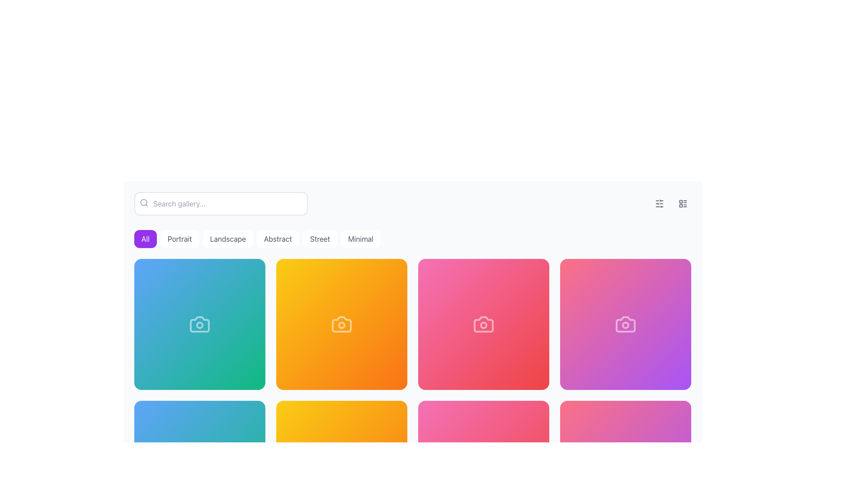 The width and height of the screenshot is (868, 488). What do you see at coordinates (625, 324) in the screenshot?
I see `the grid item located in the first row and fourth column` at bounding box center [625, 324].